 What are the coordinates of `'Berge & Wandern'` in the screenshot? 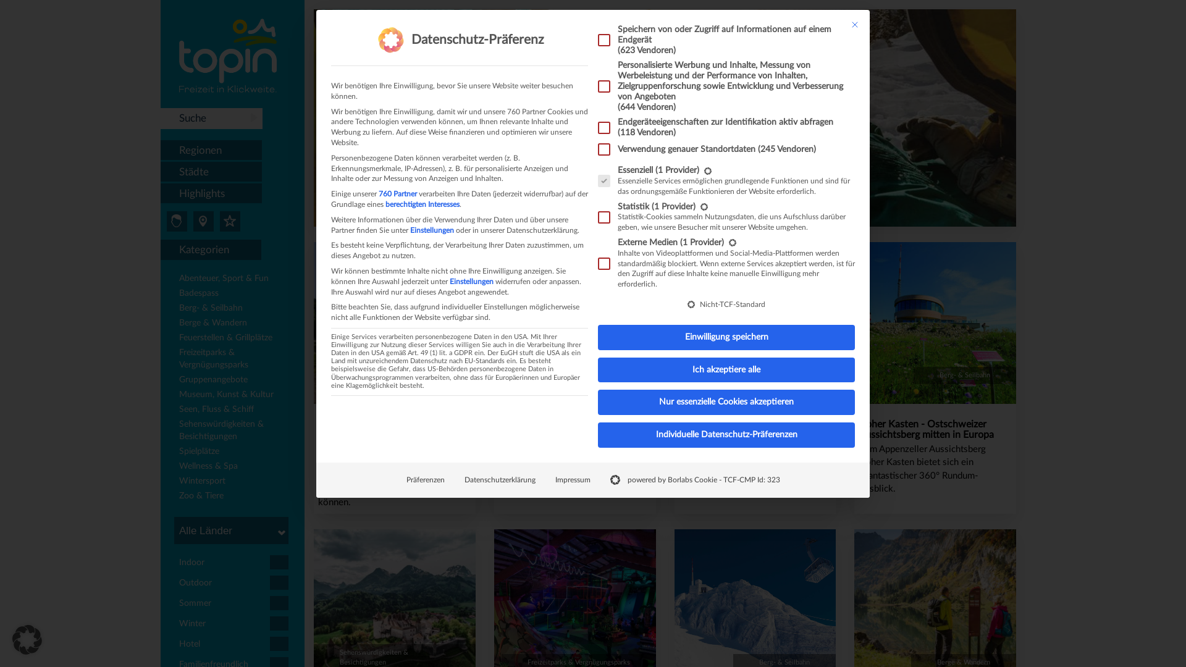 It's located at (236, 323).